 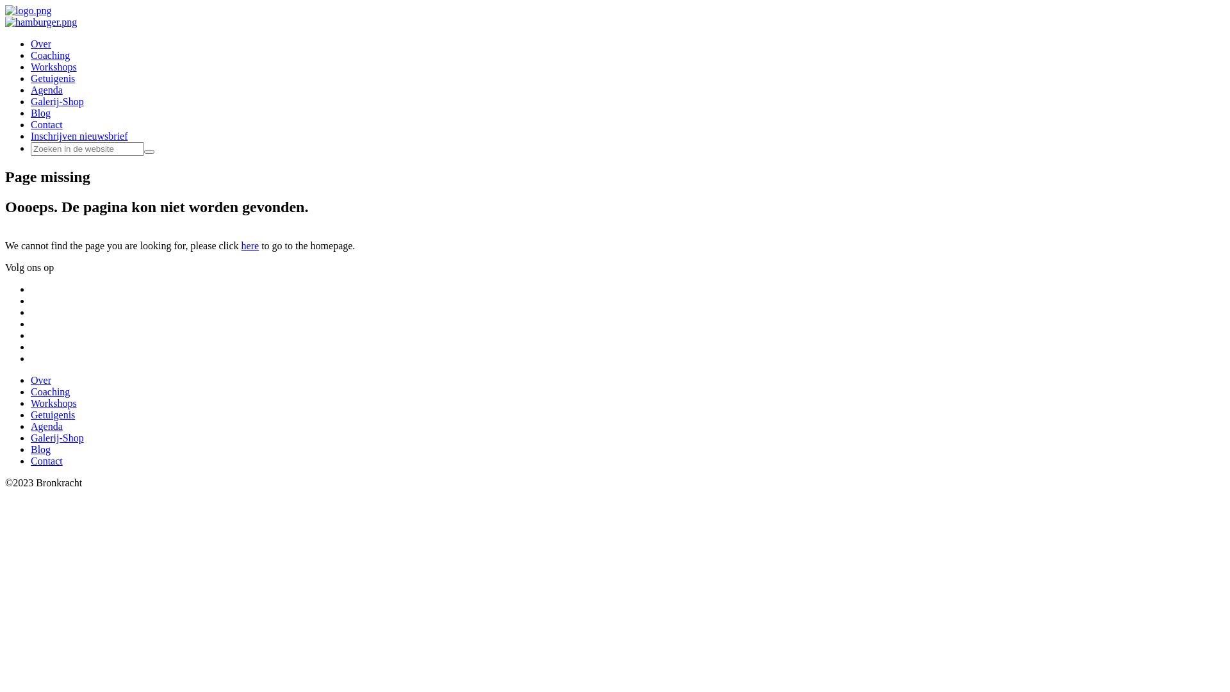 I want to click on 'Contact', so click(x=31, y=124).